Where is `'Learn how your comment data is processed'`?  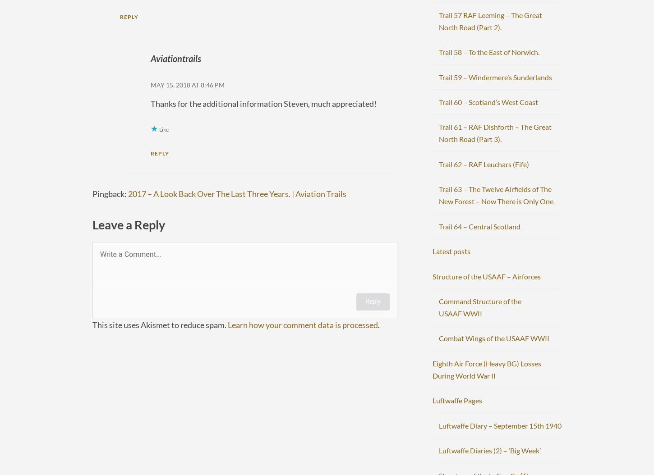
'Learn how your comment data is processed' is located at coordinates (302, 324).